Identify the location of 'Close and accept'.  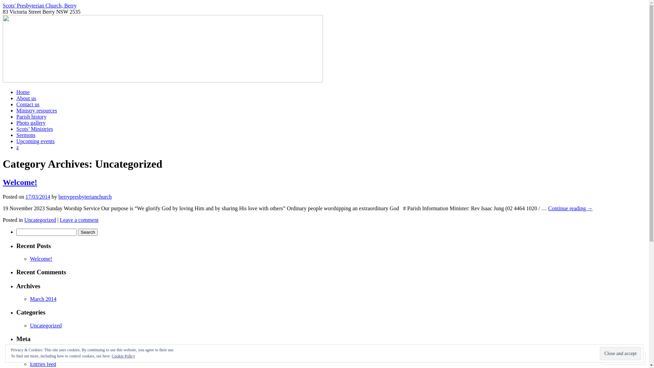
(620, 353).